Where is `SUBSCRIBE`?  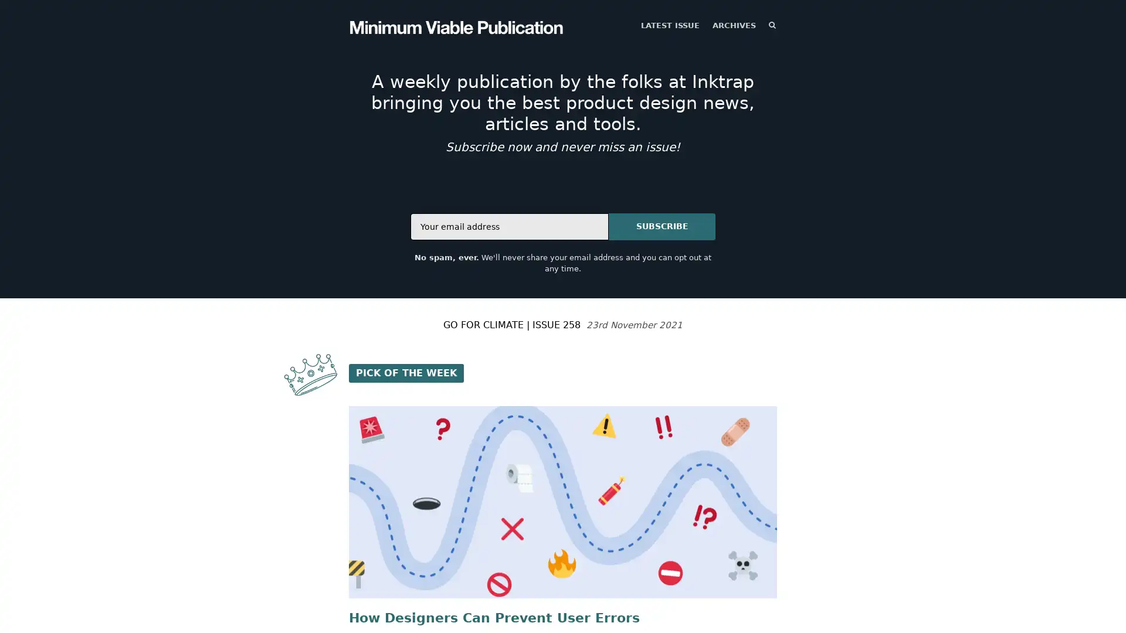
SUBSCRIBE is located at coordinates (662, 226).